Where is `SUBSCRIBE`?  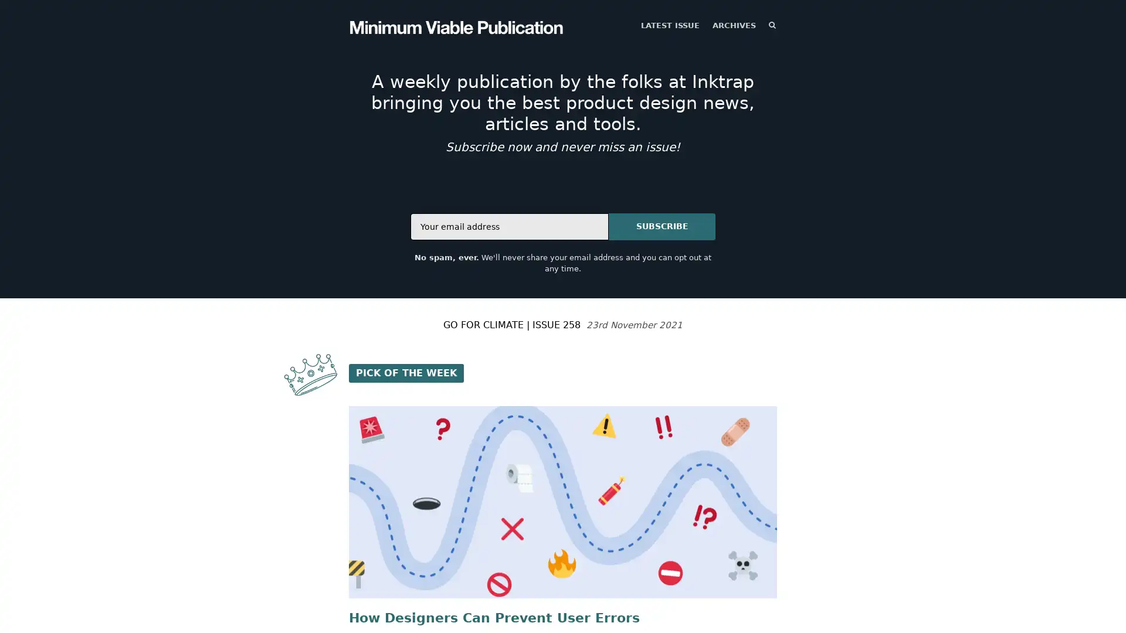
SUBSCRIBE is located at coordinates (662, 226).